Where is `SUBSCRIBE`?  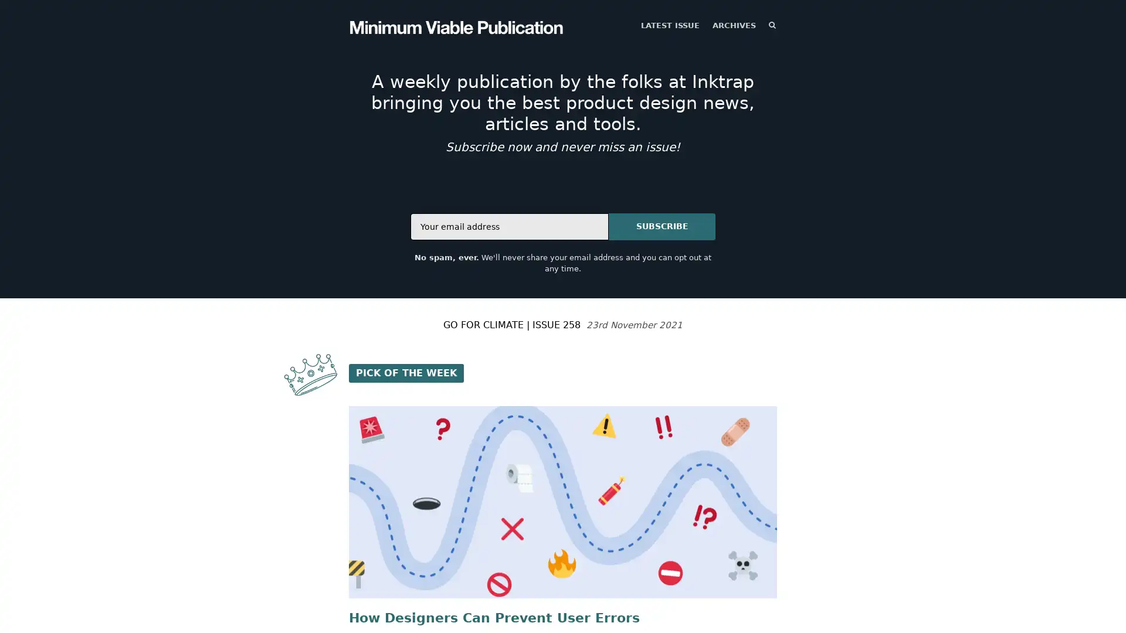
SUBSCRIBE is located at coordinates (662, 226).